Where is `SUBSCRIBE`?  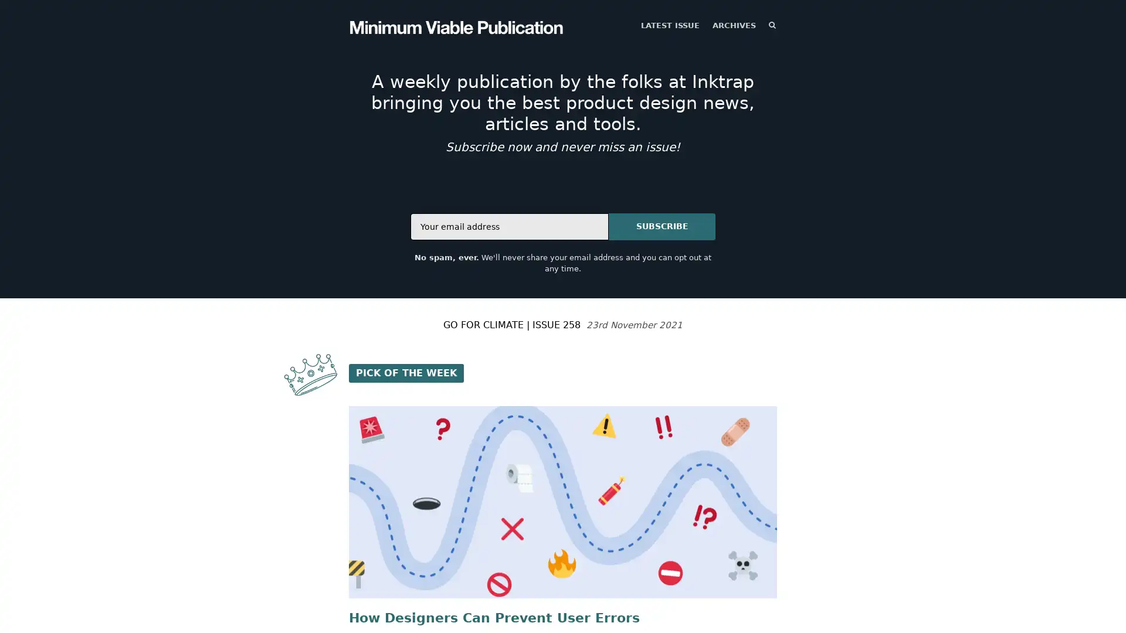
SUBSCRIBE is located at coordinates (662, 226).